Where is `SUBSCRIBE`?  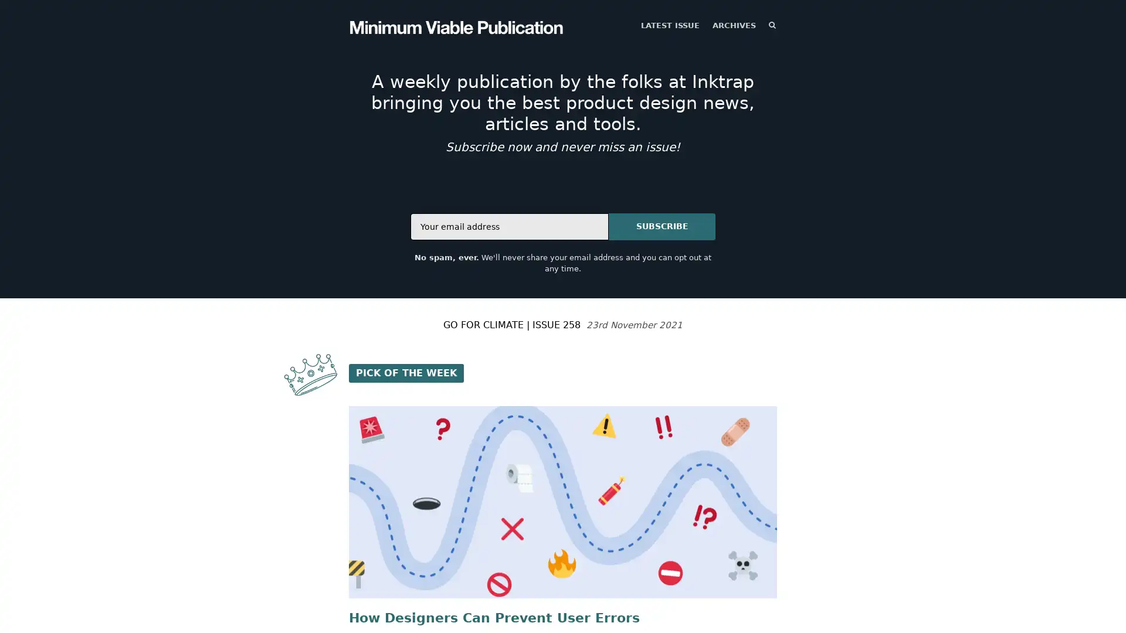
SUBSCRIBE is located at coordinates (662, 226).